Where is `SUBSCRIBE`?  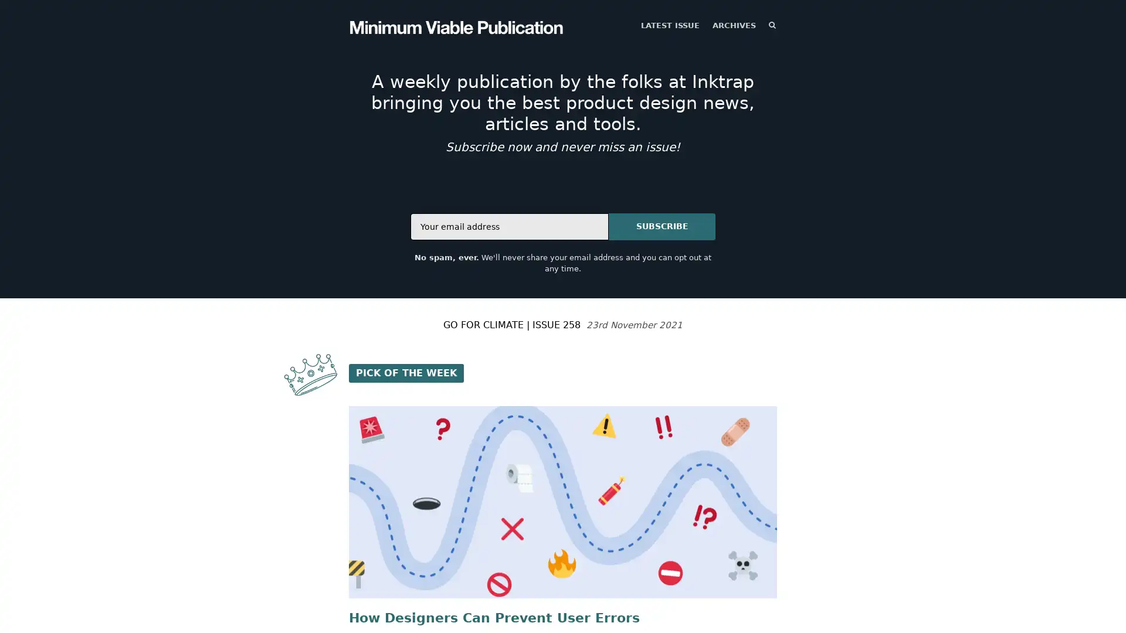
SUBSCRIBE is located at coordinates (662, 226).